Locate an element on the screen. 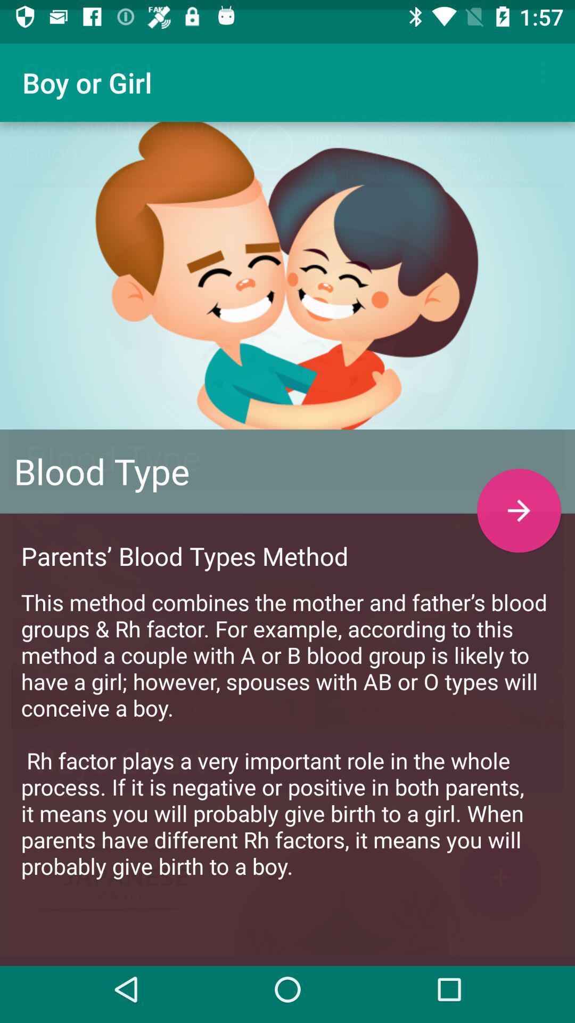 The width and height of the screenshot is (575, 1023). move to next page is located at coordinates (519, 500).